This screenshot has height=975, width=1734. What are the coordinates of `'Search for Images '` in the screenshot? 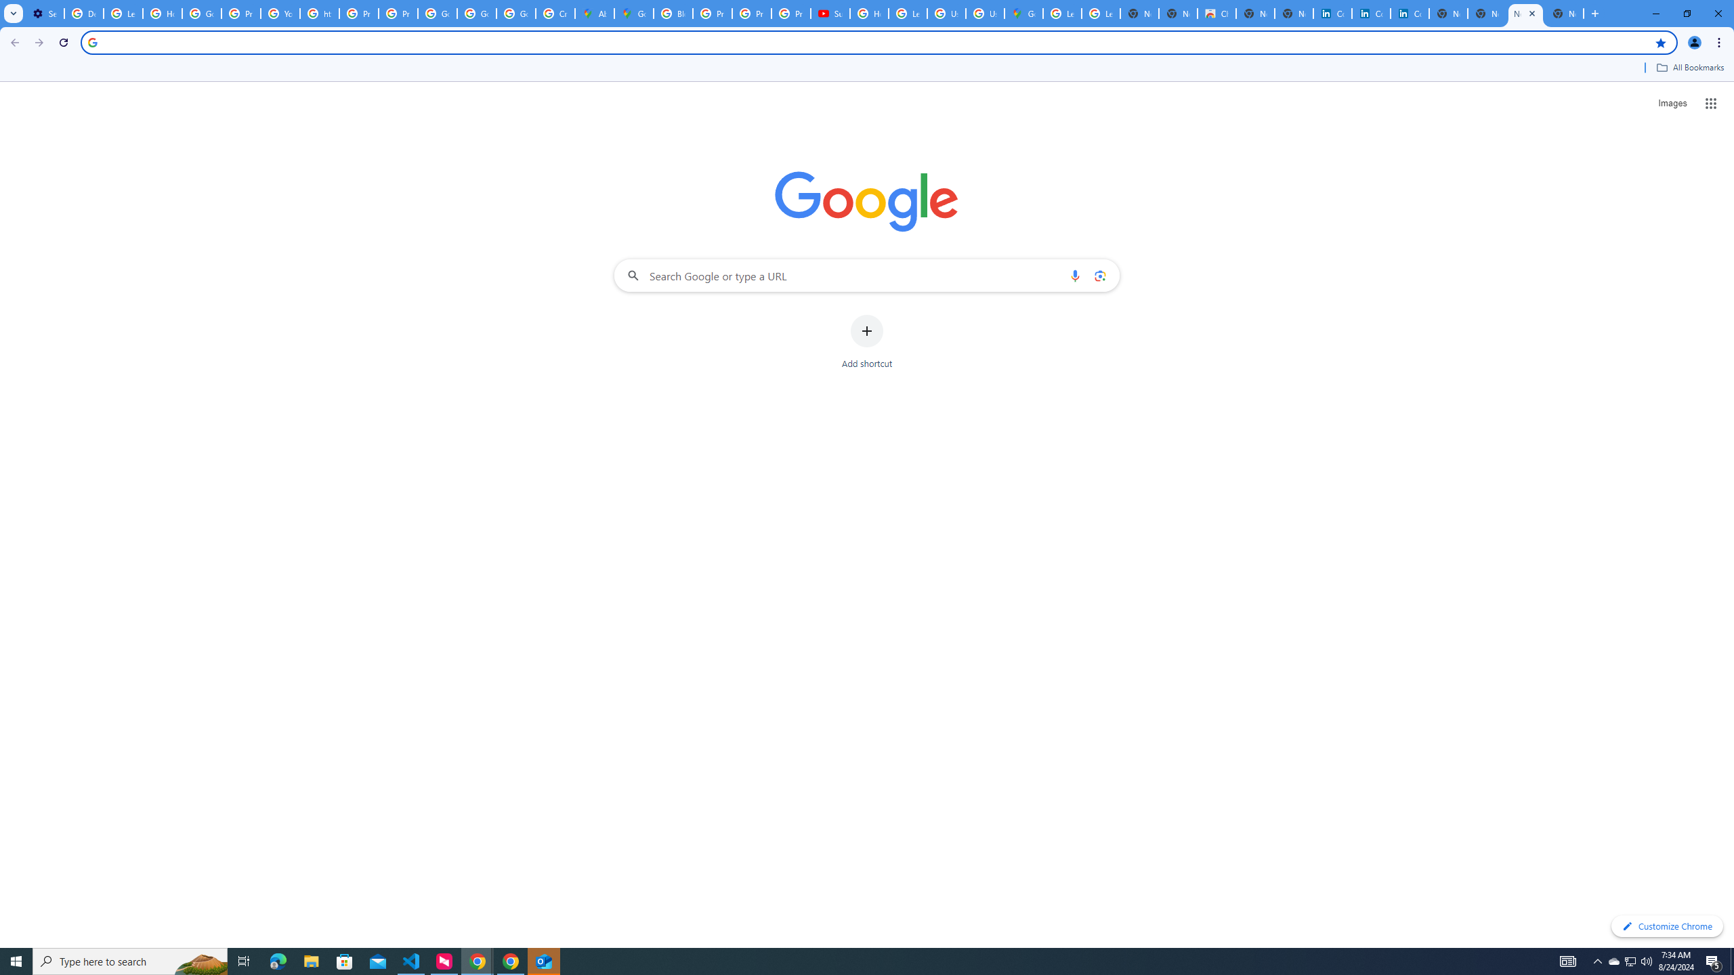 It's located at (1672, 104).